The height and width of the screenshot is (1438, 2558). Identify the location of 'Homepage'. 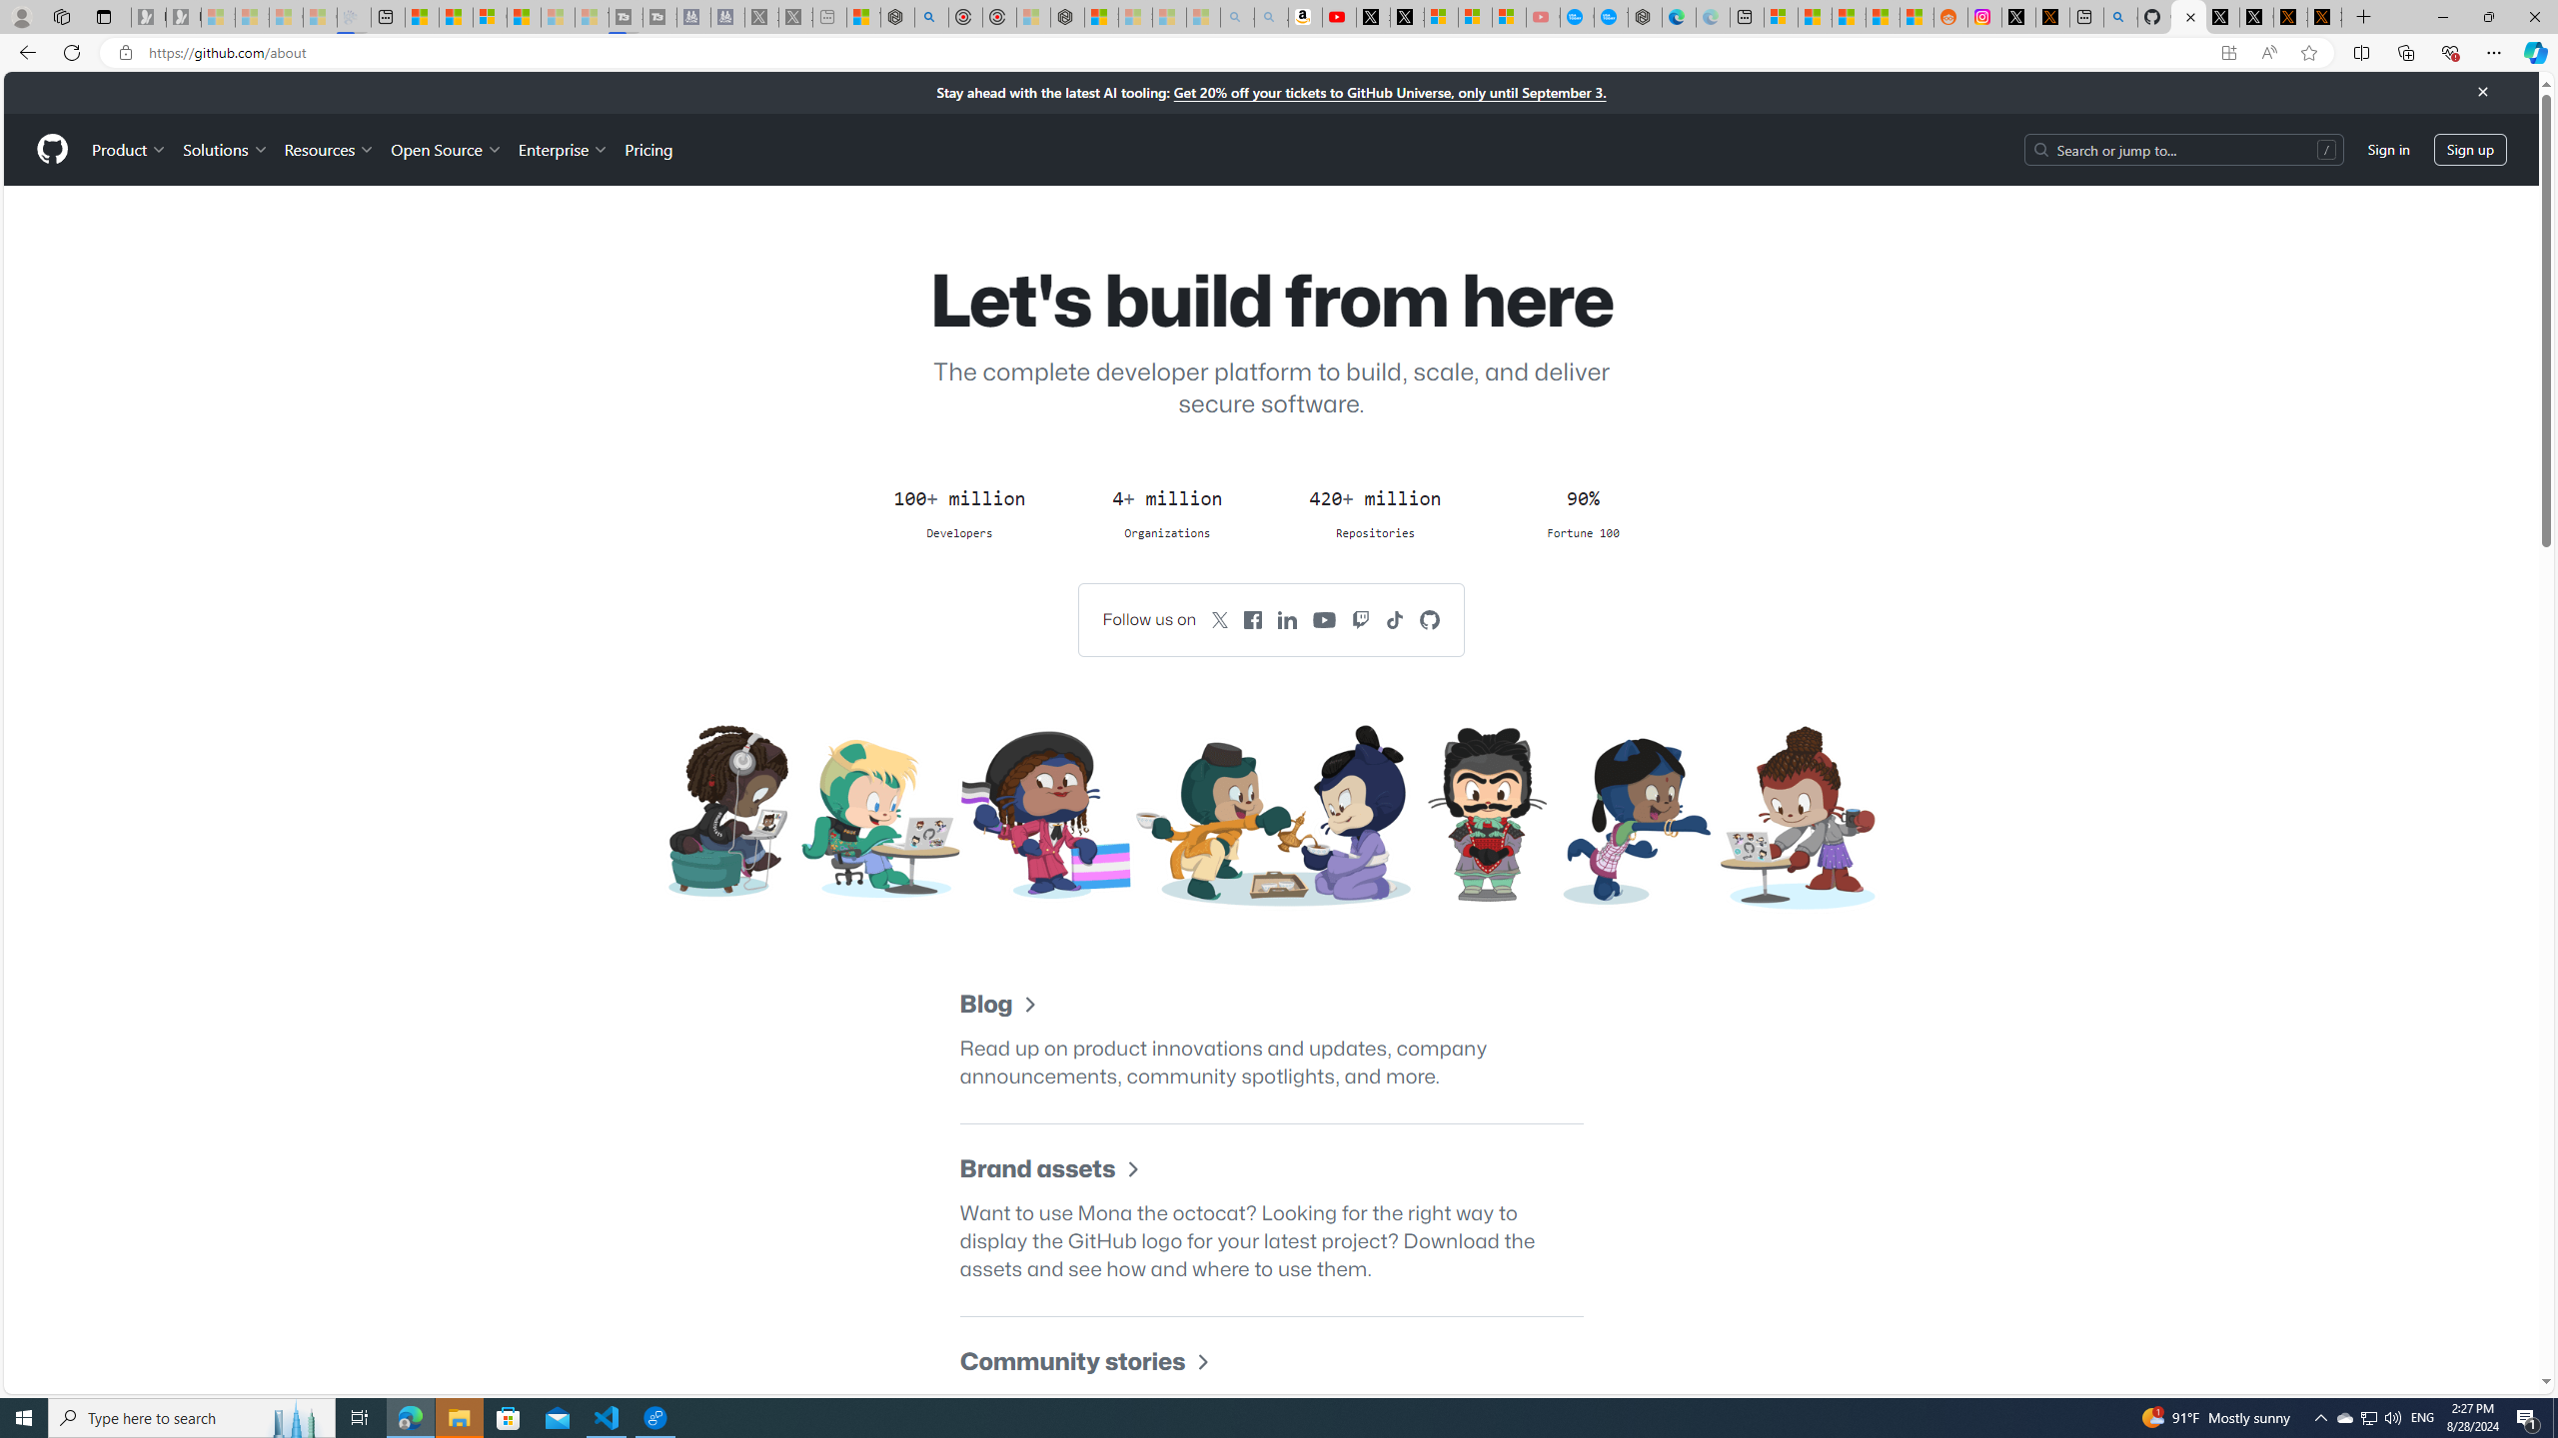
(52, 149).